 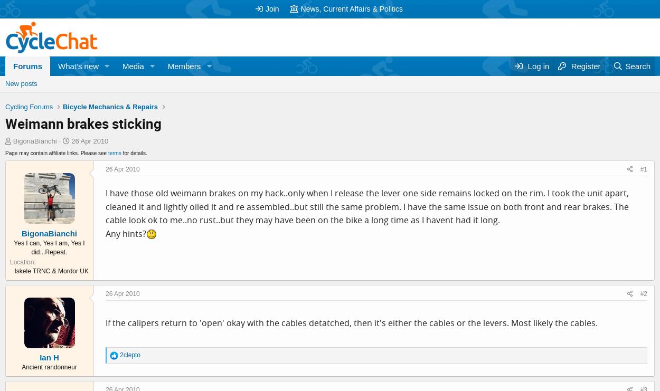 What do you see at coordinates (125, 233) in the screenshot?
I see `'Any hints?'` at bounding box center [125, 233].